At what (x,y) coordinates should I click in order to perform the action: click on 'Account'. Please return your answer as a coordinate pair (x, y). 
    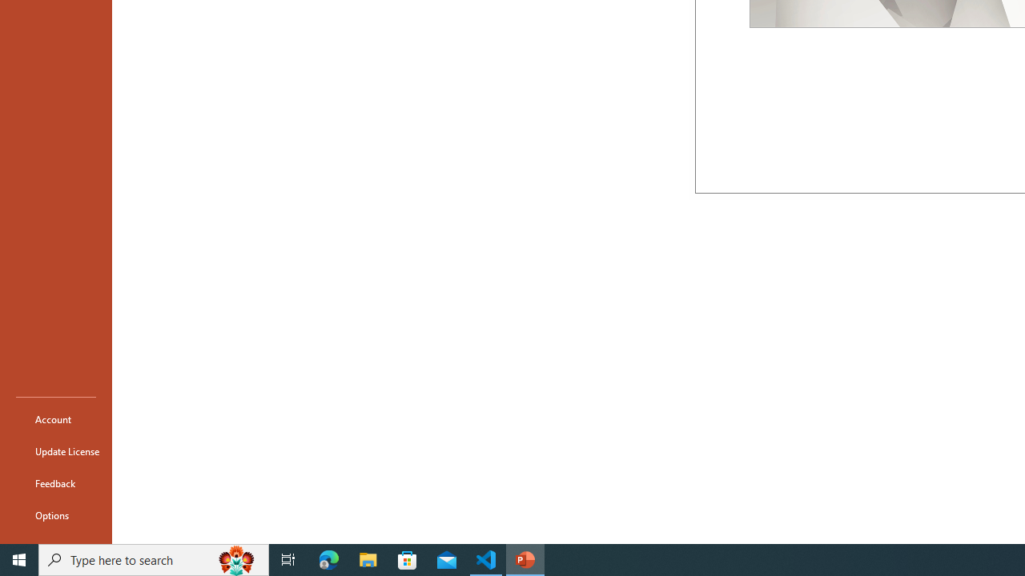
    Looking at the image, I should click on (55, 418).